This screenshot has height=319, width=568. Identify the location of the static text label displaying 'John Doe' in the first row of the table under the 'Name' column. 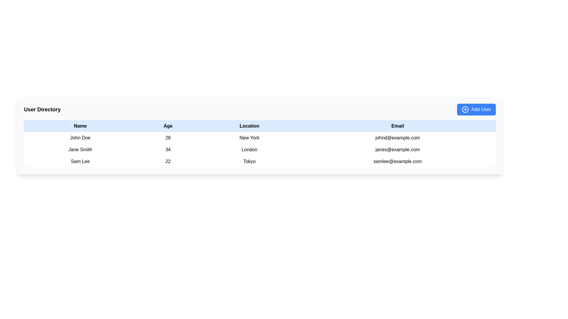
(80, 138).